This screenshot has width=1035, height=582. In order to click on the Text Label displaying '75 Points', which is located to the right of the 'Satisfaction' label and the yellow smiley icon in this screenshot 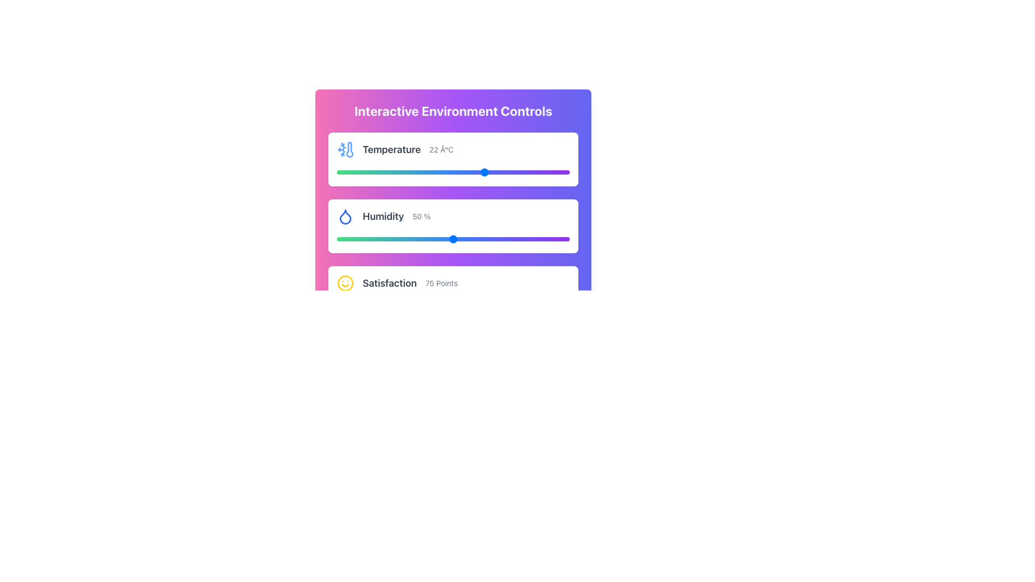, I will do `click(441, 282)`.